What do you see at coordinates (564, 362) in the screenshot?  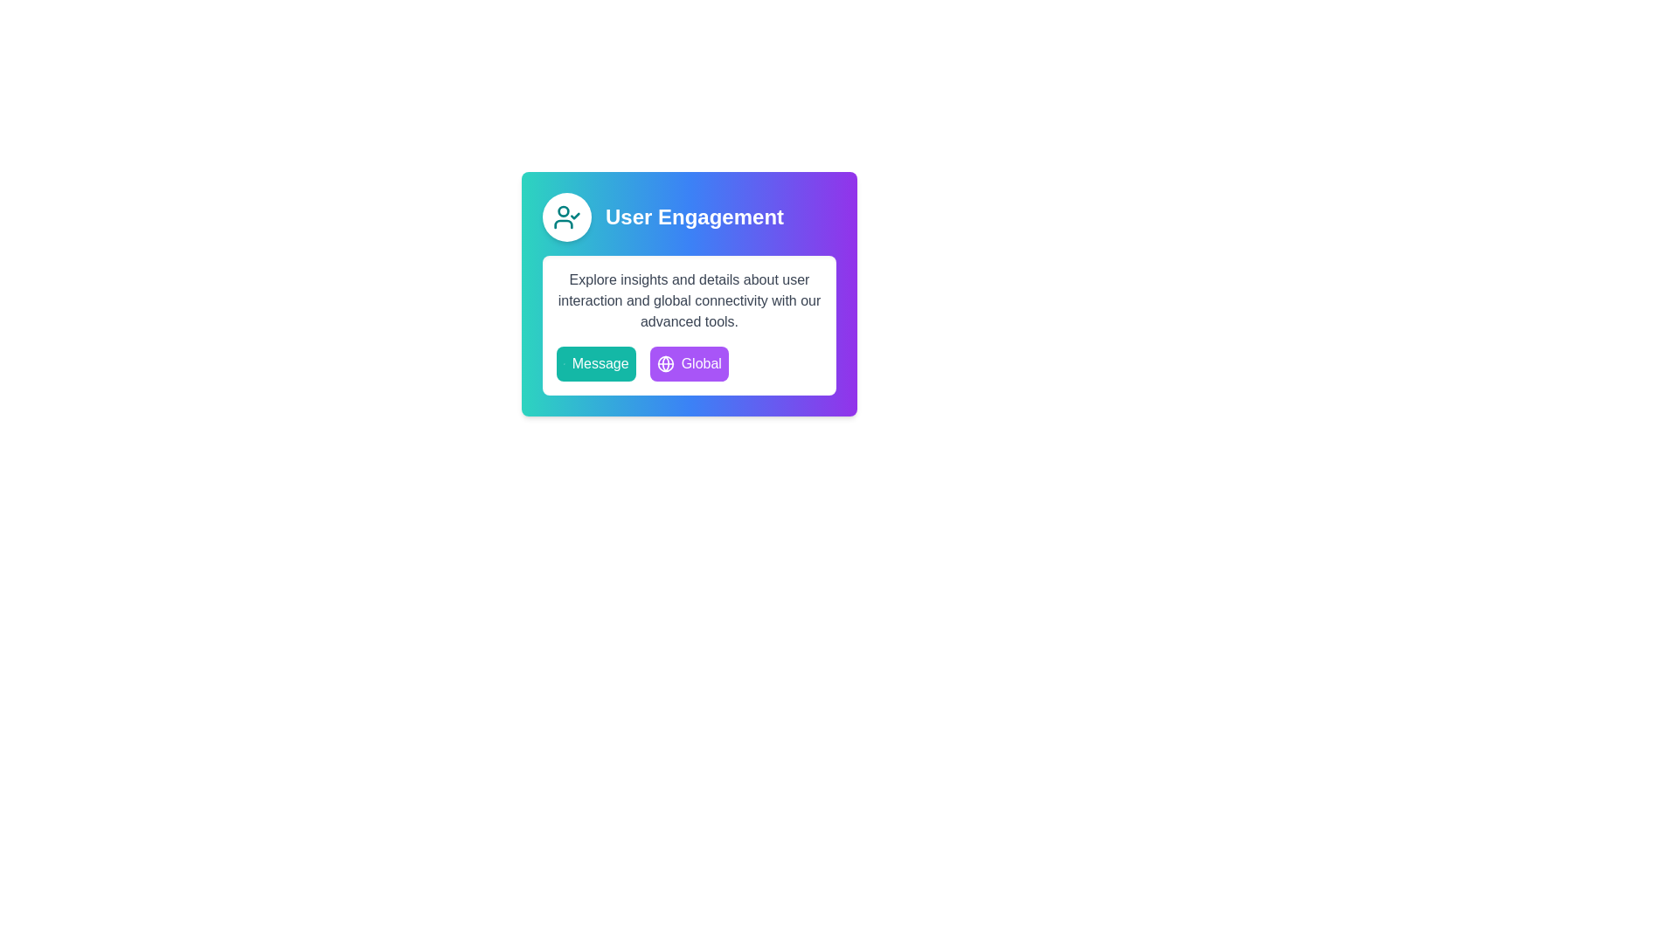 I see `the 'Message' button which contains a speech bubble icon on its left side, styled with a circular outline and a teal background` at bounding box center [564, 362].